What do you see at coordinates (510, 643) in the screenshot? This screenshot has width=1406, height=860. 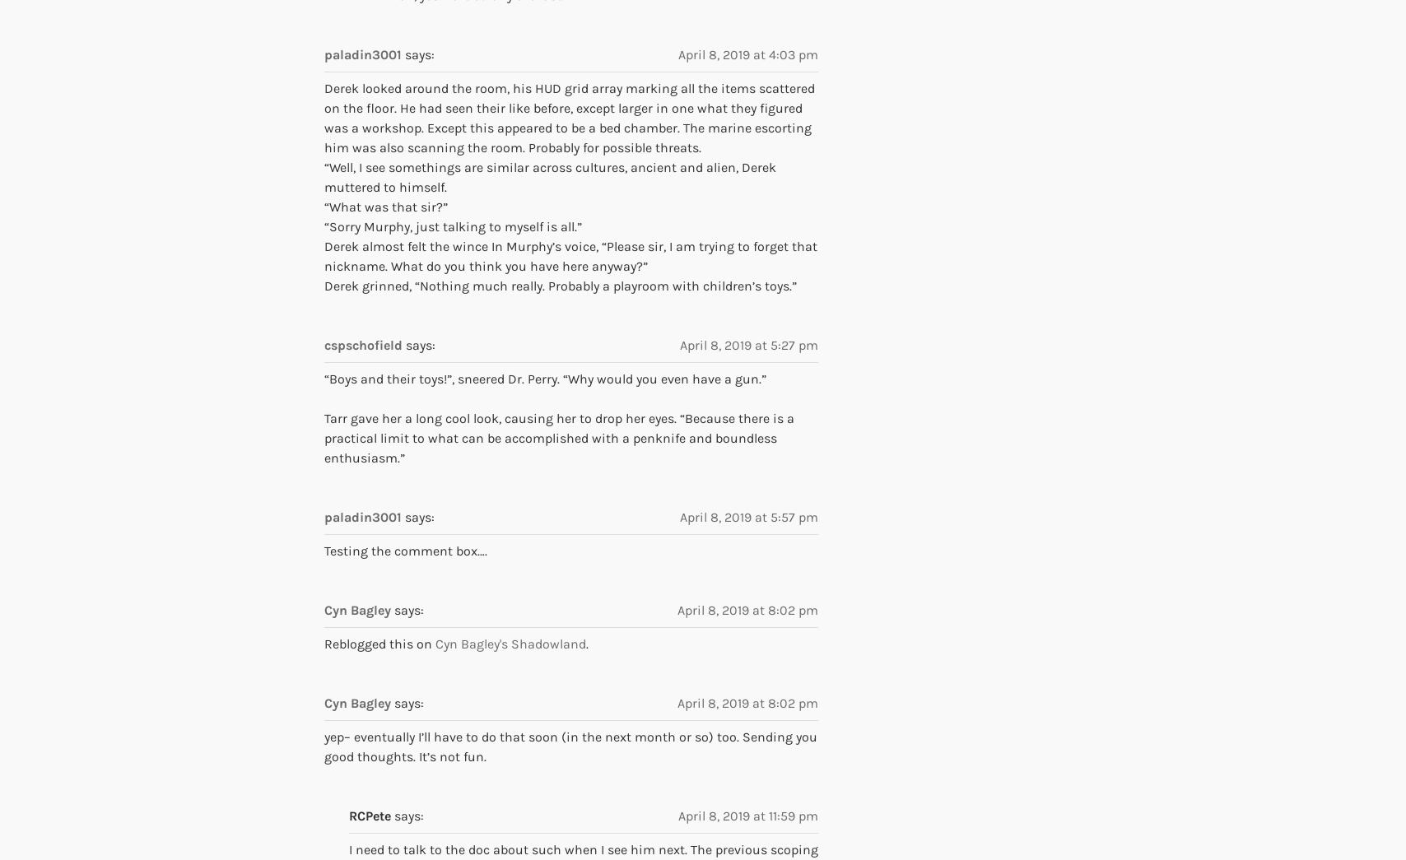 I see `'Cyn Bagley's Shadowland'` at bounding box center [510, 643].